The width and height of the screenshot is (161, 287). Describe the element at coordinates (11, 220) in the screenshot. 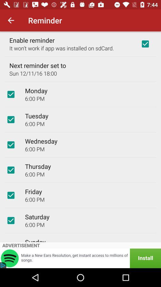

I see `option bar` at that location.